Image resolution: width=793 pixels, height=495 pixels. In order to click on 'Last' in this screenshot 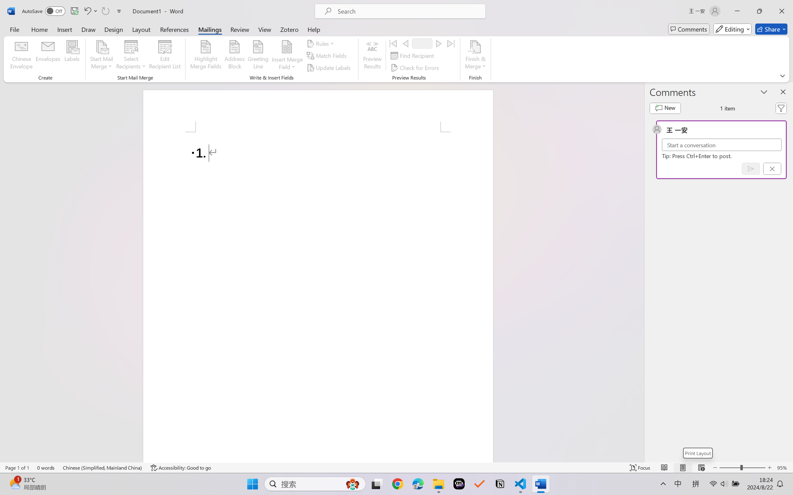, I will do `click(451, 43)`.